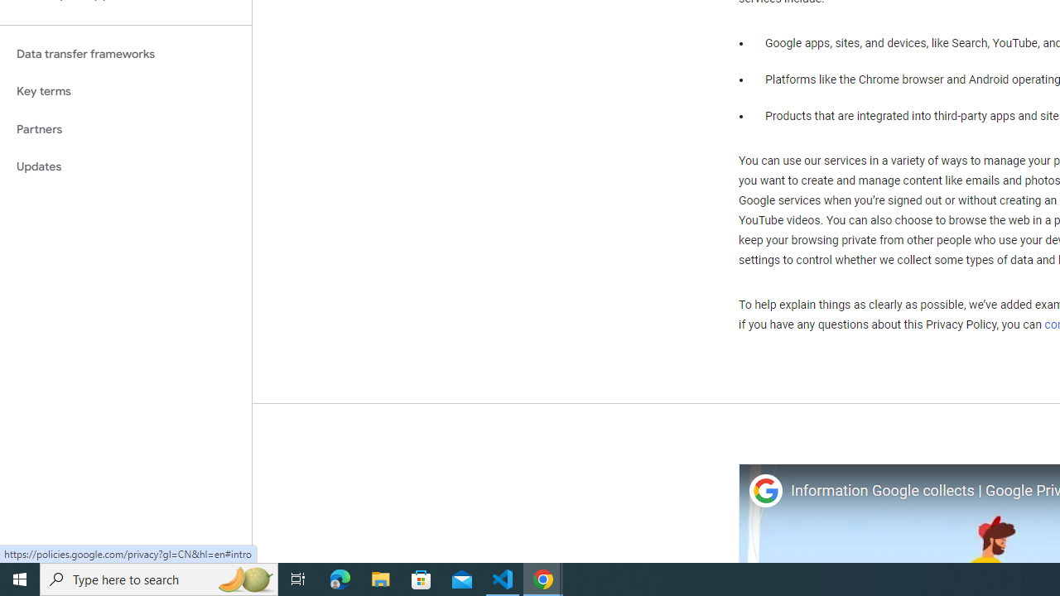  What do you see at coordinates (125, 53) in the screenshot?
I see `'Data transfer frameworks'` at bounding box center [125, 53].